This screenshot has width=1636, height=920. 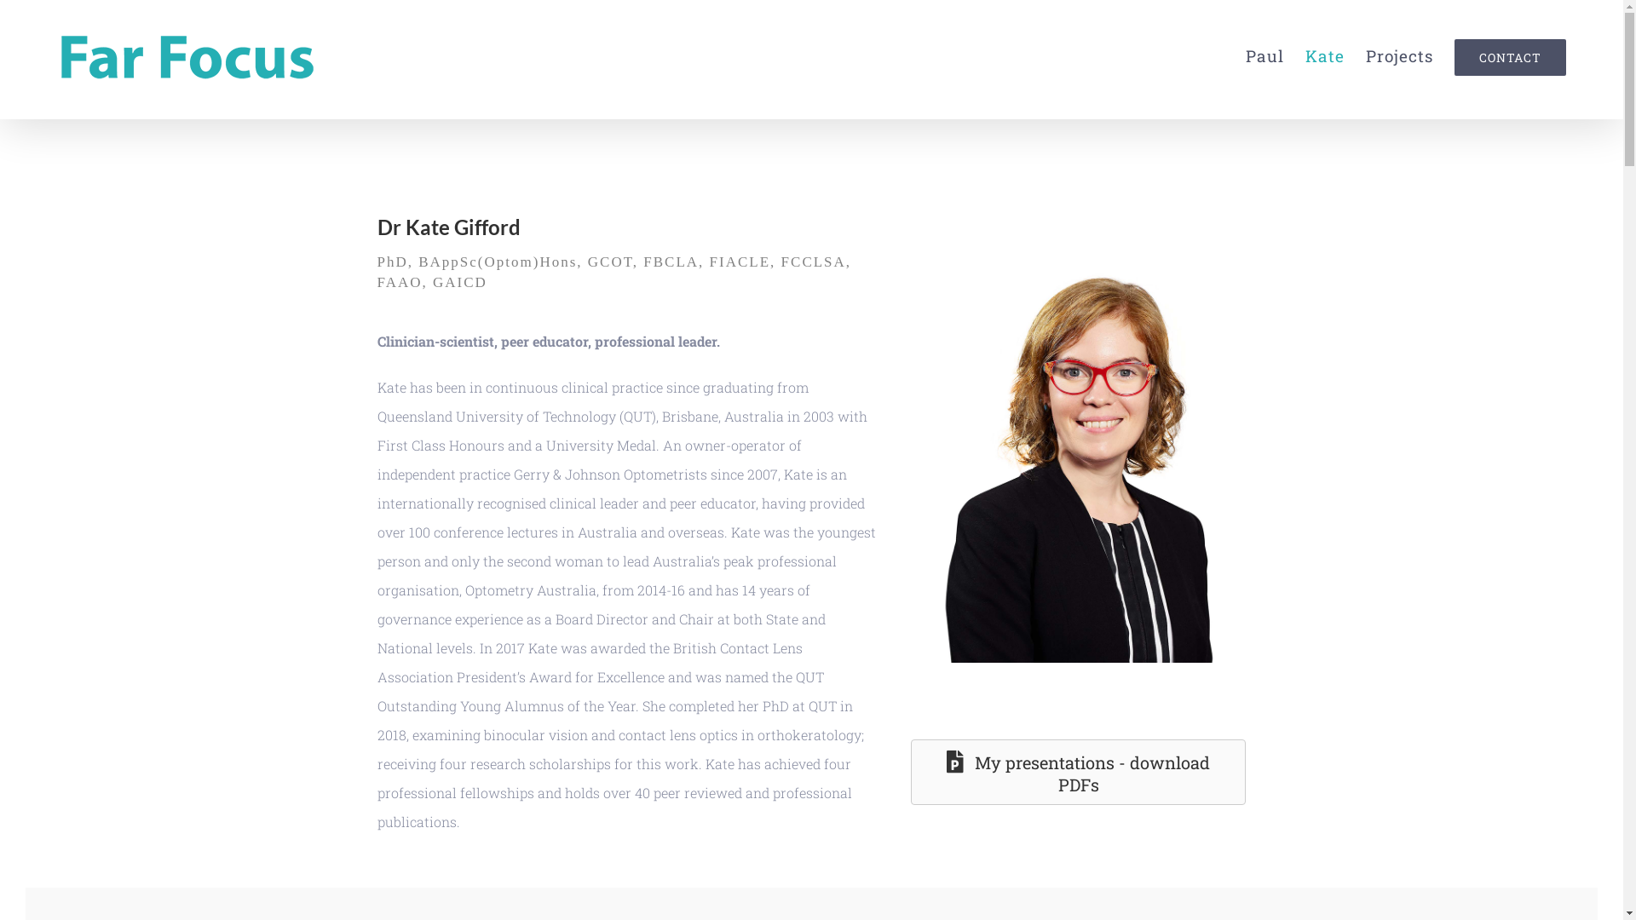 What do you see at coordinates (1078, 772) in the screenshot?
I see `'My presentations - download PDFs'` at bounding box center [1078, 772].